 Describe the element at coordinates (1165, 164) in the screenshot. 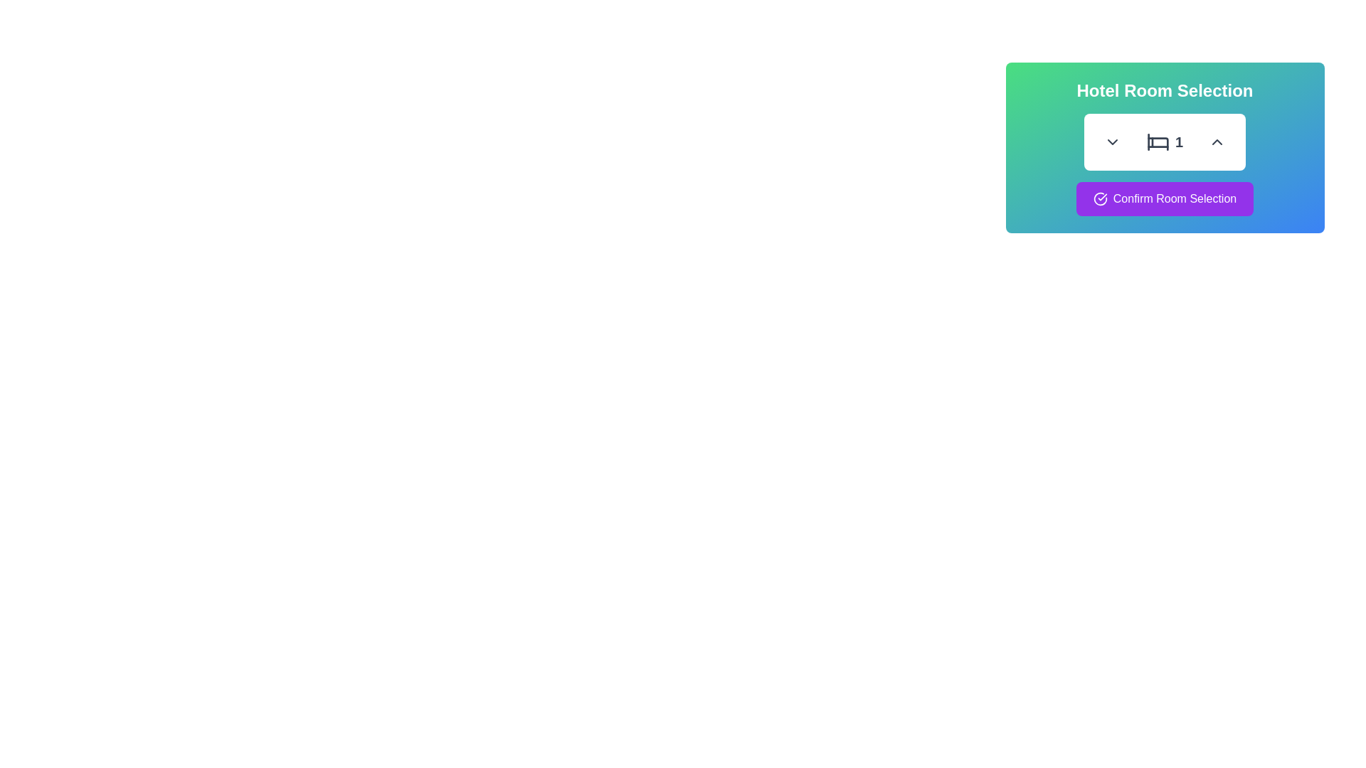

I see `the stepper control component used for selecting the number of rooms, which features arrows on either side and a bed icon in the center` at that location.